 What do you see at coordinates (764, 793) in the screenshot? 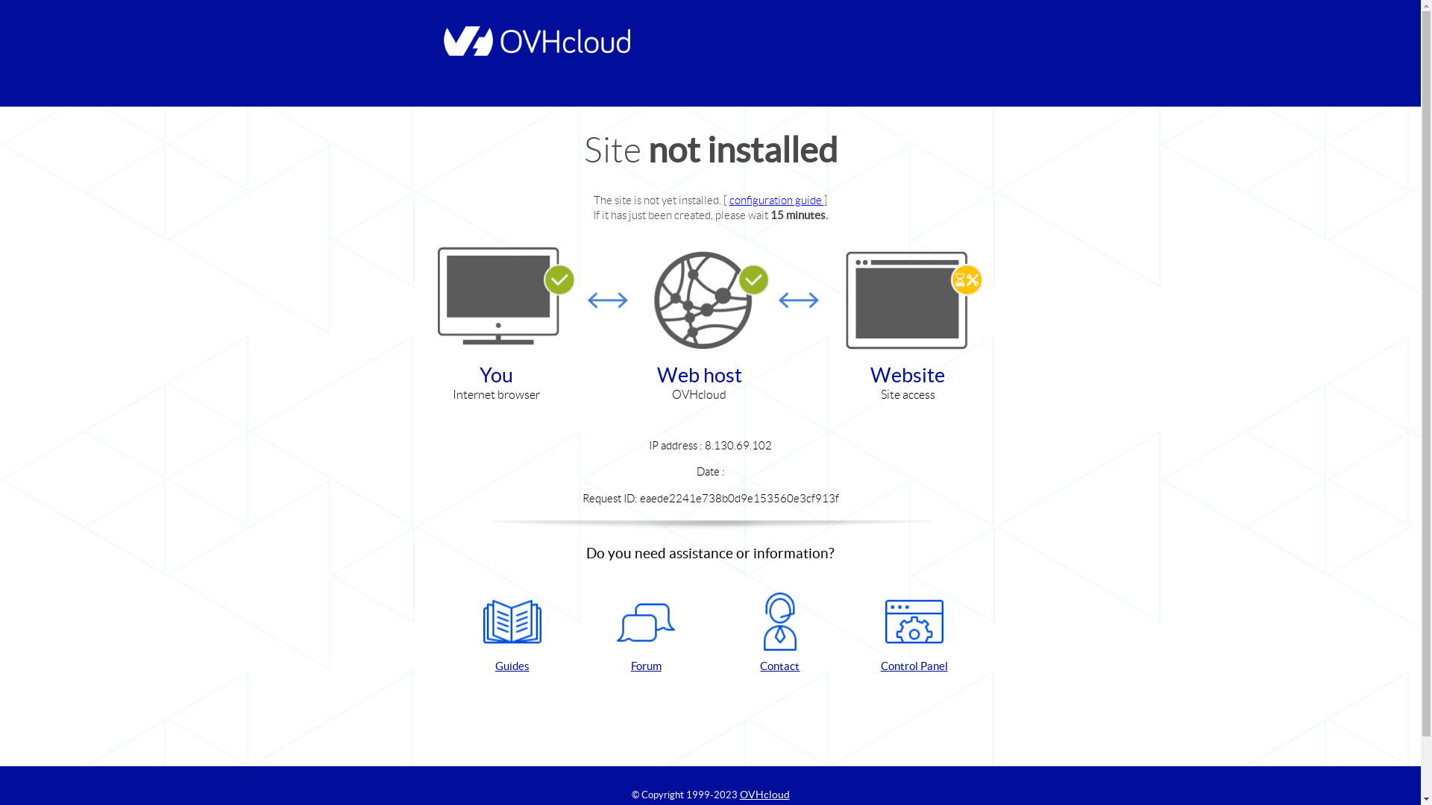
I see `'OVHcloud'` at bounding box center [764, 793].